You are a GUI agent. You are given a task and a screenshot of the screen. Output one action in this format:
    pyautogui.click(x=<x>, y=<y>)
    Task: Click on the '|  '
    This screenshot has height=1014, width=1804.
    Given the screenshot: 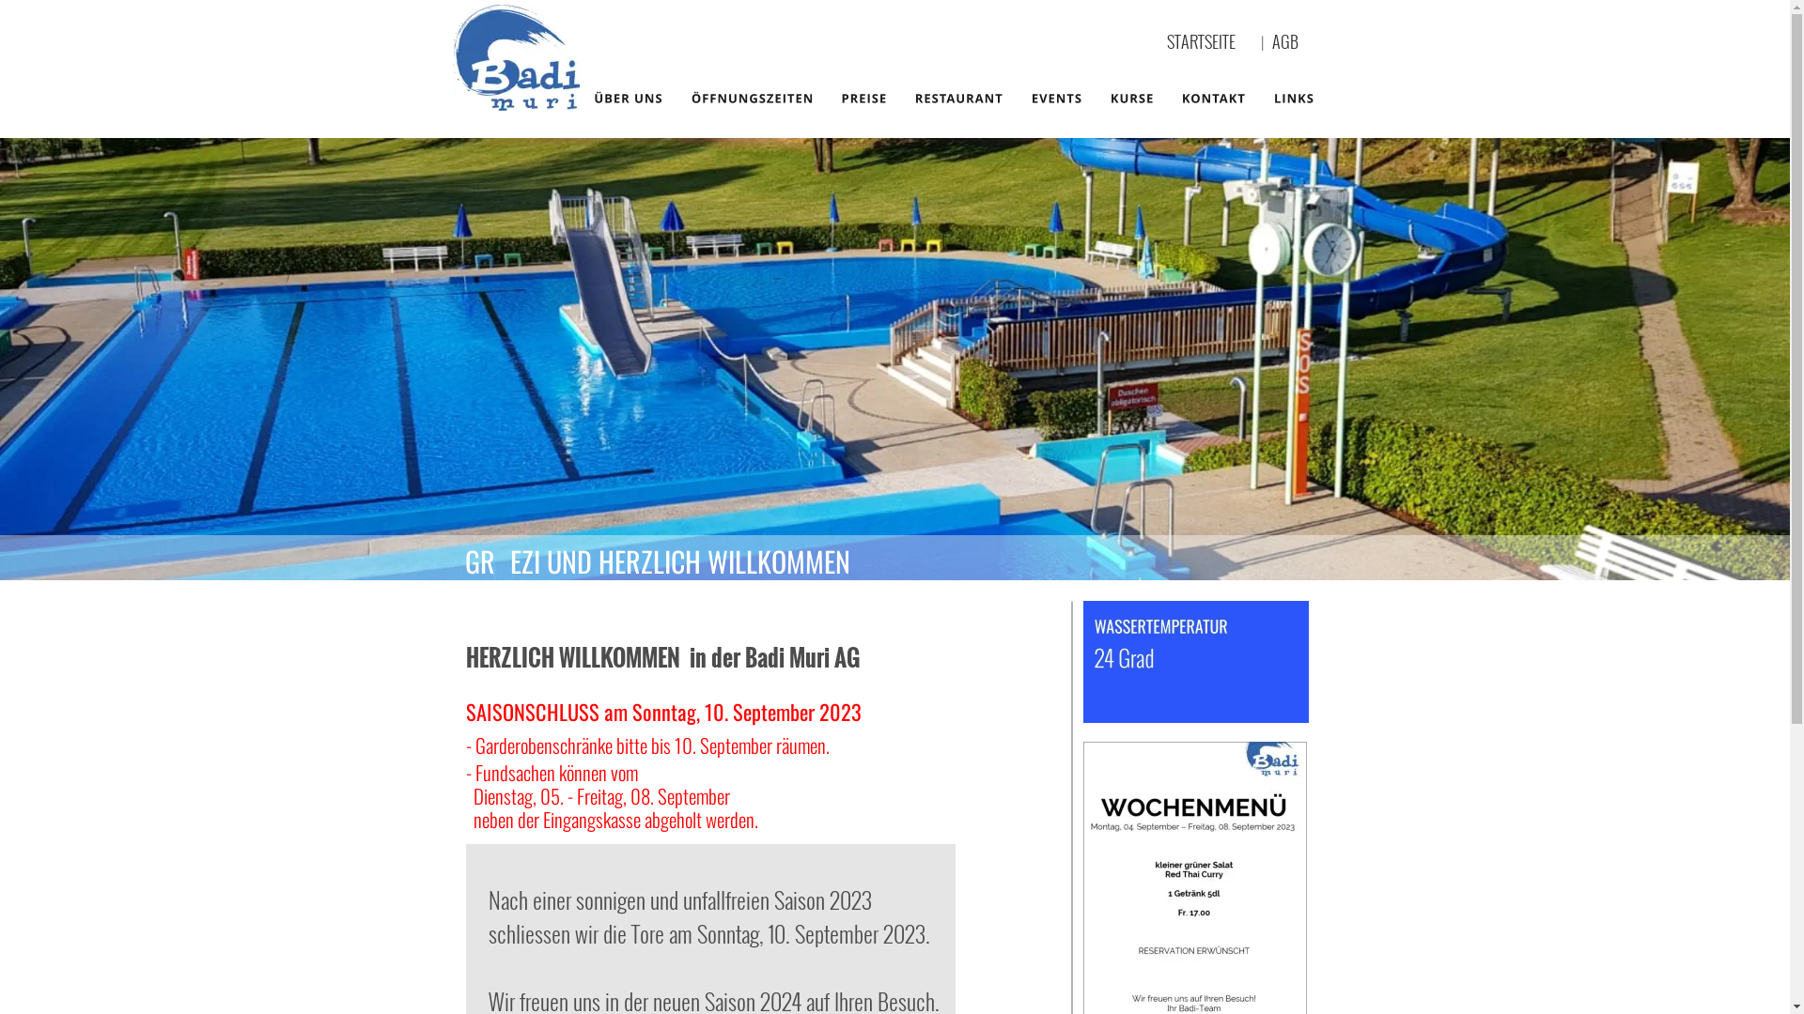 What is the action you would take?
    pyautogui.click(x=1267, y=42)
    